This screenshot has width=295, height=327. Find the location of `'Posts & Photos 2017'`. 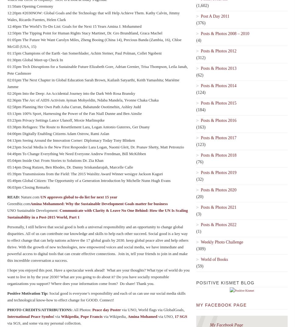

'Posts & Photos 2017' is located at coordinates (218, 138).